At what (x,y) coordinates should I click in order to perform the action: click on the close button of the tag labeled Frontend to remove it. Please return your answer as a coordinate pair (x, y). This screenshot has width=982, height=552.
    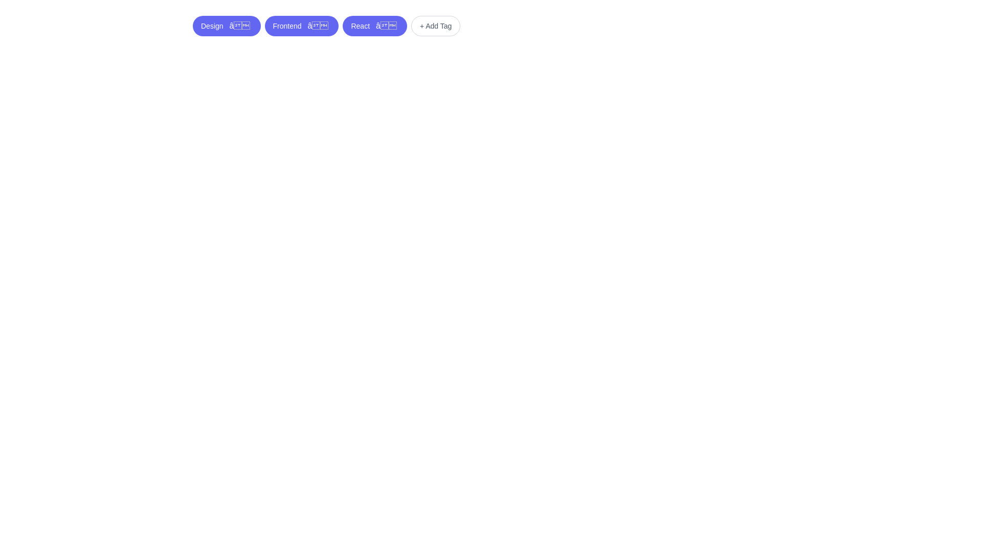
    Looking at the image, I should click on (318, 25).